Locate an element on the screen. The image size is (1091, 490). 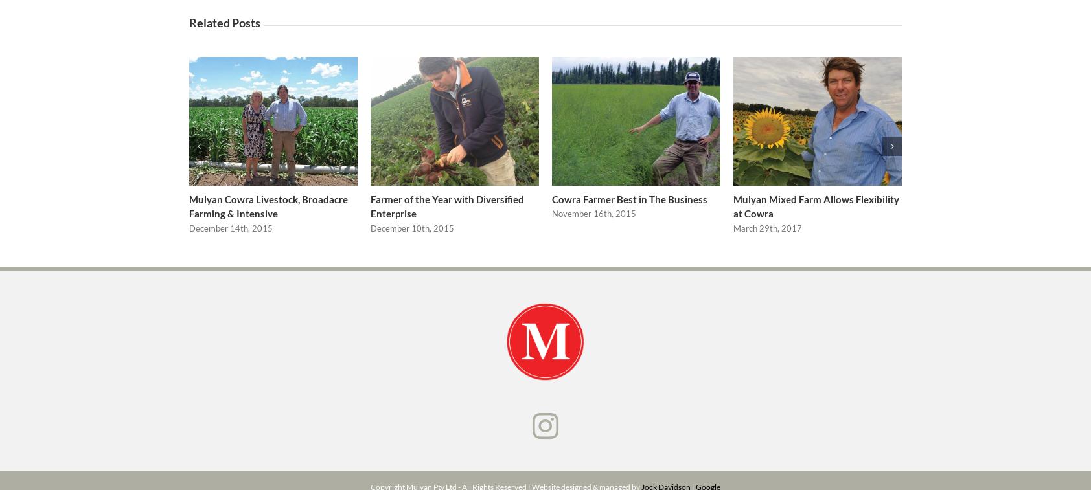
'March 29th, 2017' is located at coordinates (768, 233).